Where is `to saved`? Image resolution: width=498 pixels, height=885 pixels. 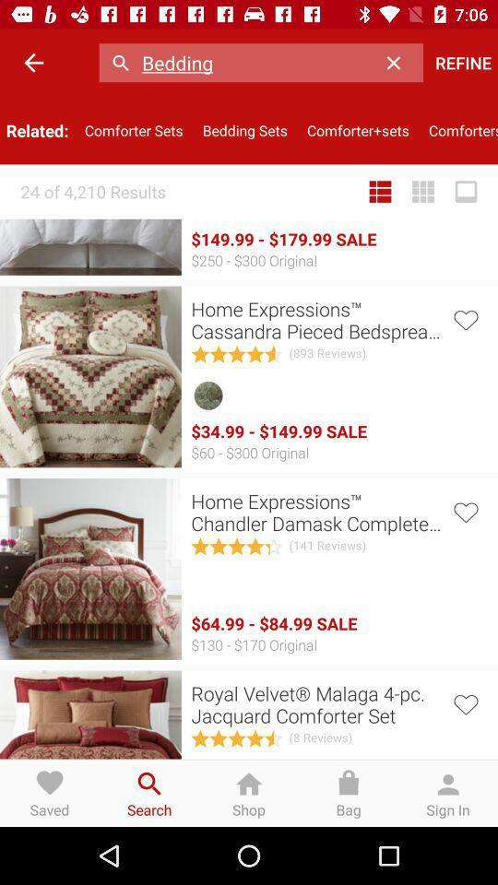
to saved is located at coordinates (464, 318).